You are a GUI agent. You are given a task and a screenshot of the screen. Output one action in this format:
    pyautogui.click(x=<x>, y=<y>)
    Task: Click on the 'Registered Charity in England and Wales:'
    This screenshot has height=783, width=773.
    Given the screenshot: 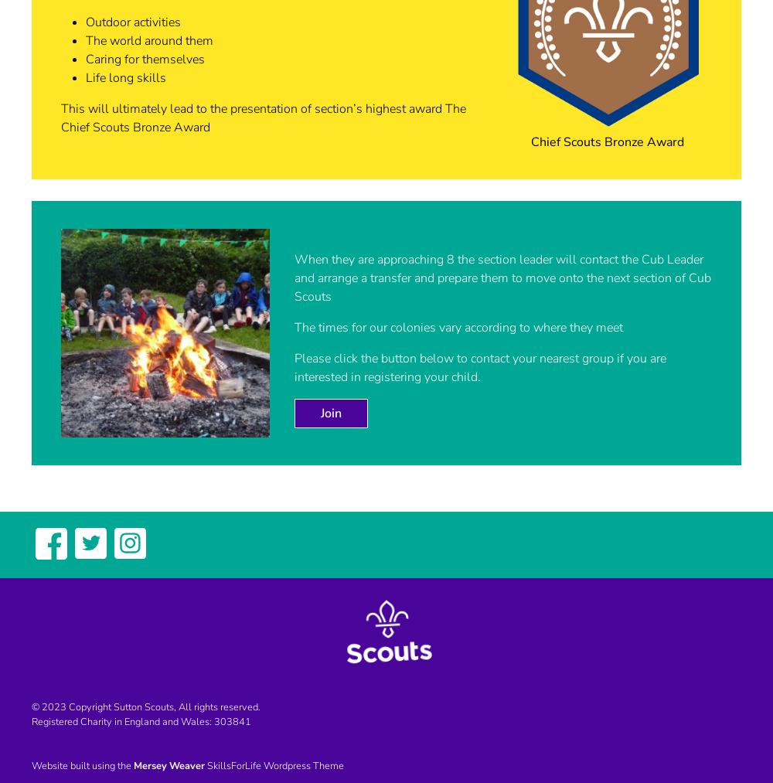 What is the action you would take?
    pyautogui.click(x=123, y=720)
    